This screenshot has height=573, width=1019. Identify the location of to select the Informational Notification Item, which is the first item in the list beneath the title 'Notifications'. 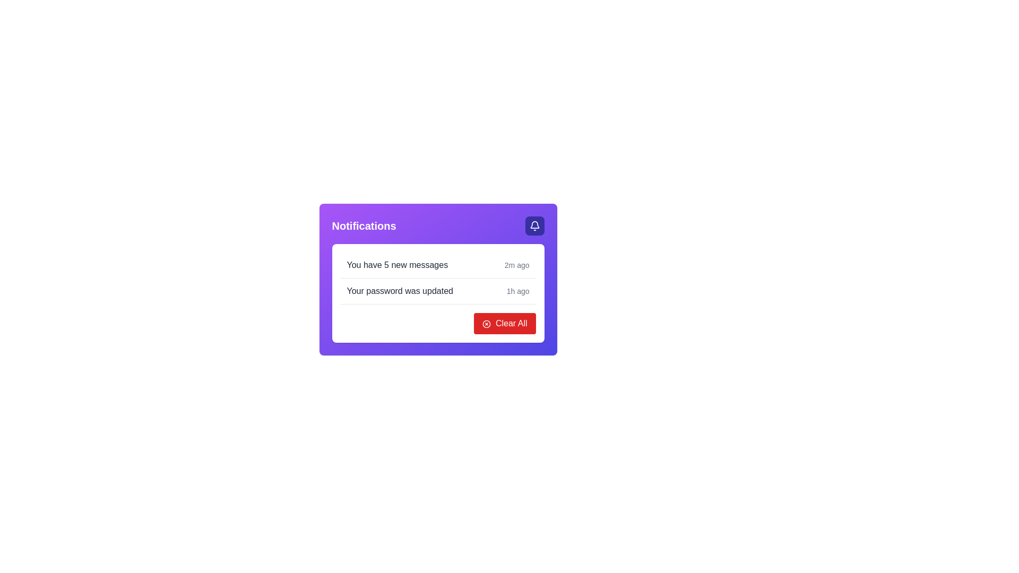
(438, 265).